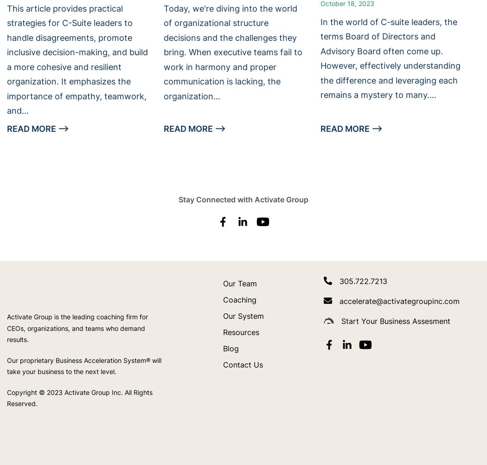 The height and width of the screenshot is (465, 487). Describe the element at coordinates (84, 365) in the screenshot. I see `'Our proprietary Business Acceleration System® will take your business to the next level.'` at that location.